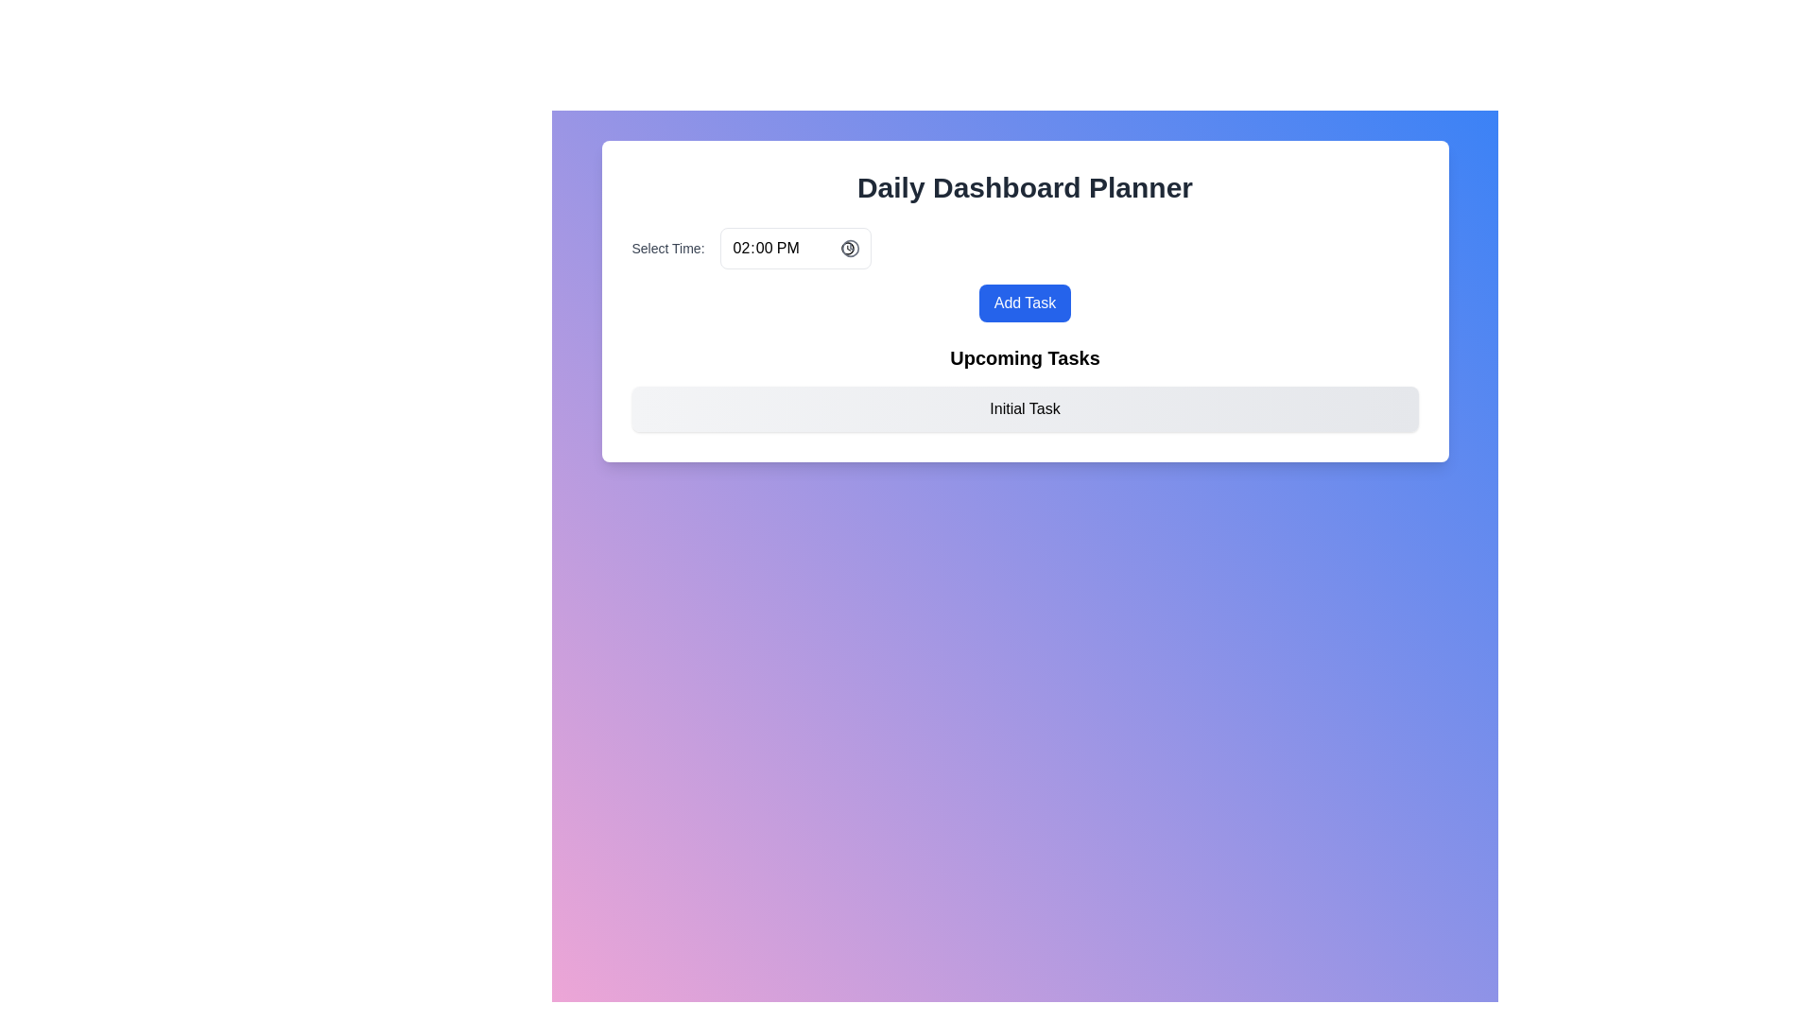 The height and width of the screenshot is (1021, 1815). I want to click on the Time input field displaying '02:00 PM' to focus on it, so click(795, 247).